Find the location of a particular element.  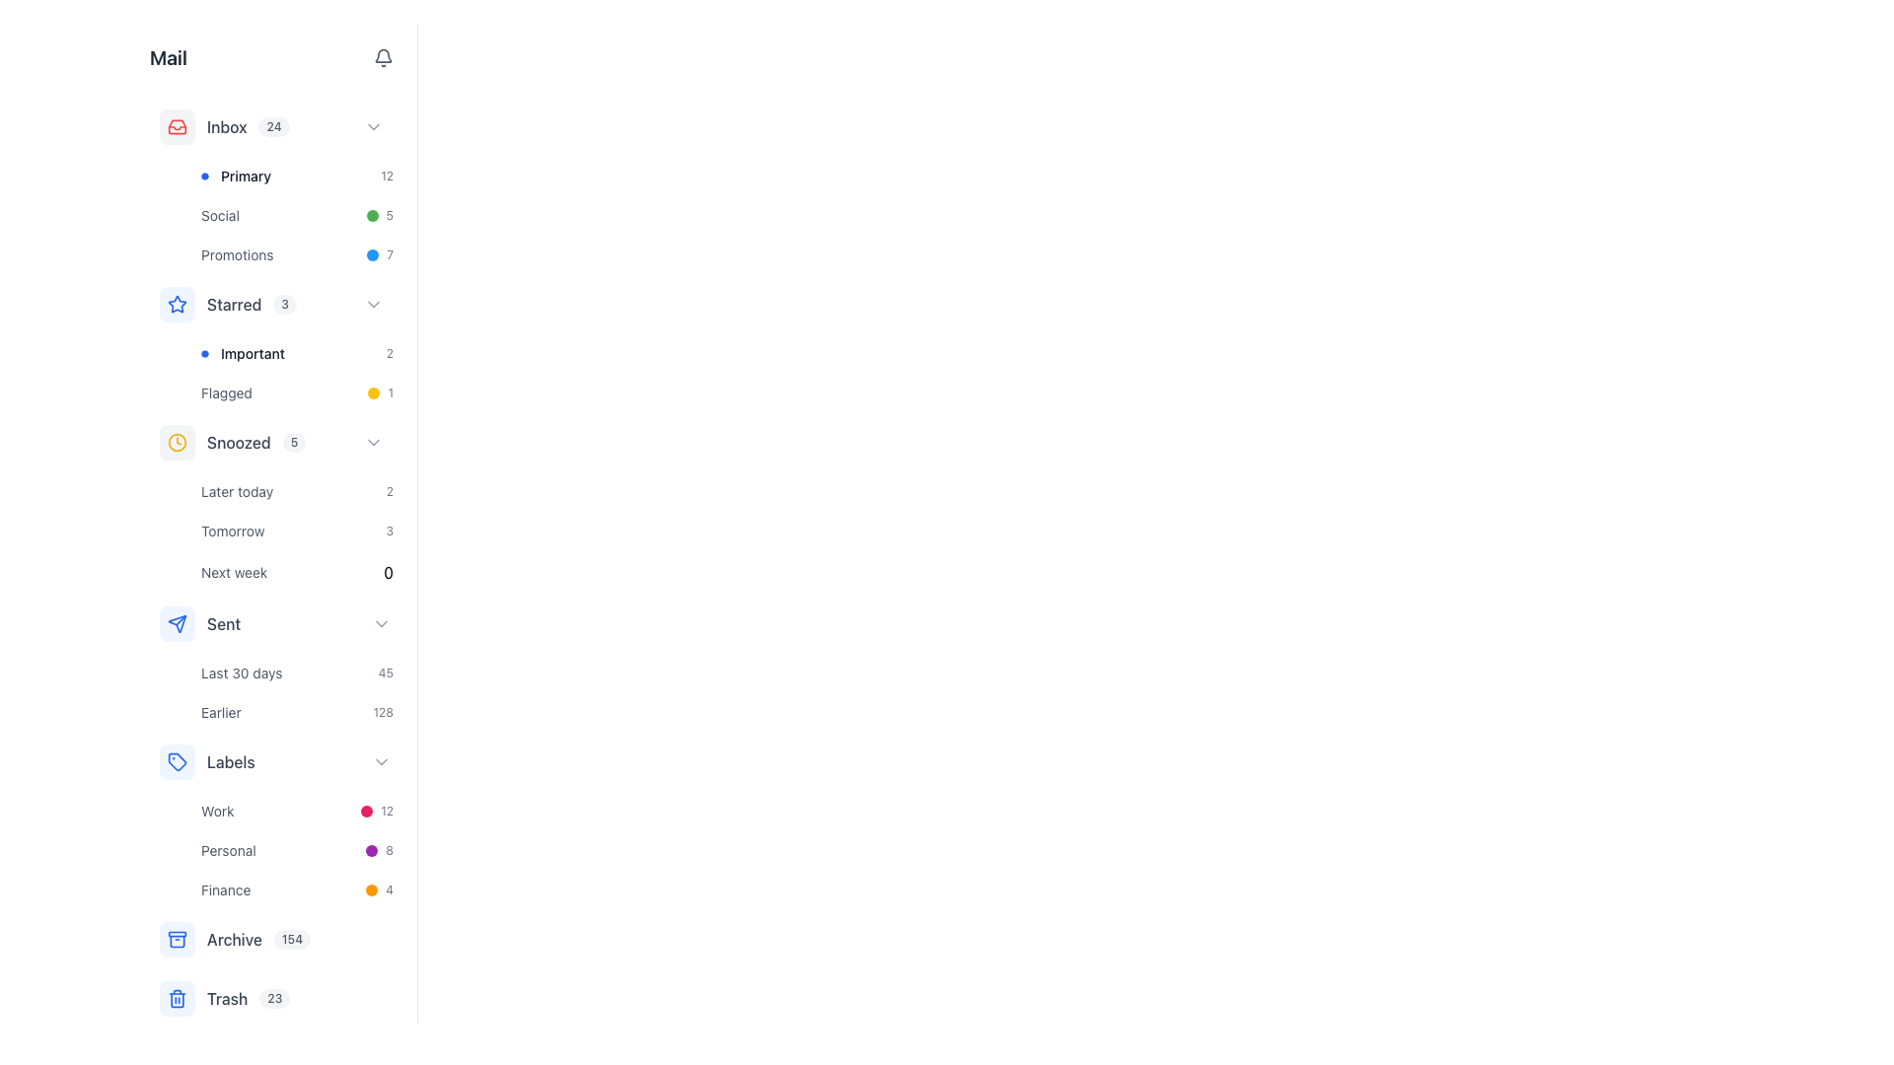

the small downward-facing chevron icon with a thin border and gray color, located next to the 'Starred' label in the sidebar is located at coordinates (374, 304).